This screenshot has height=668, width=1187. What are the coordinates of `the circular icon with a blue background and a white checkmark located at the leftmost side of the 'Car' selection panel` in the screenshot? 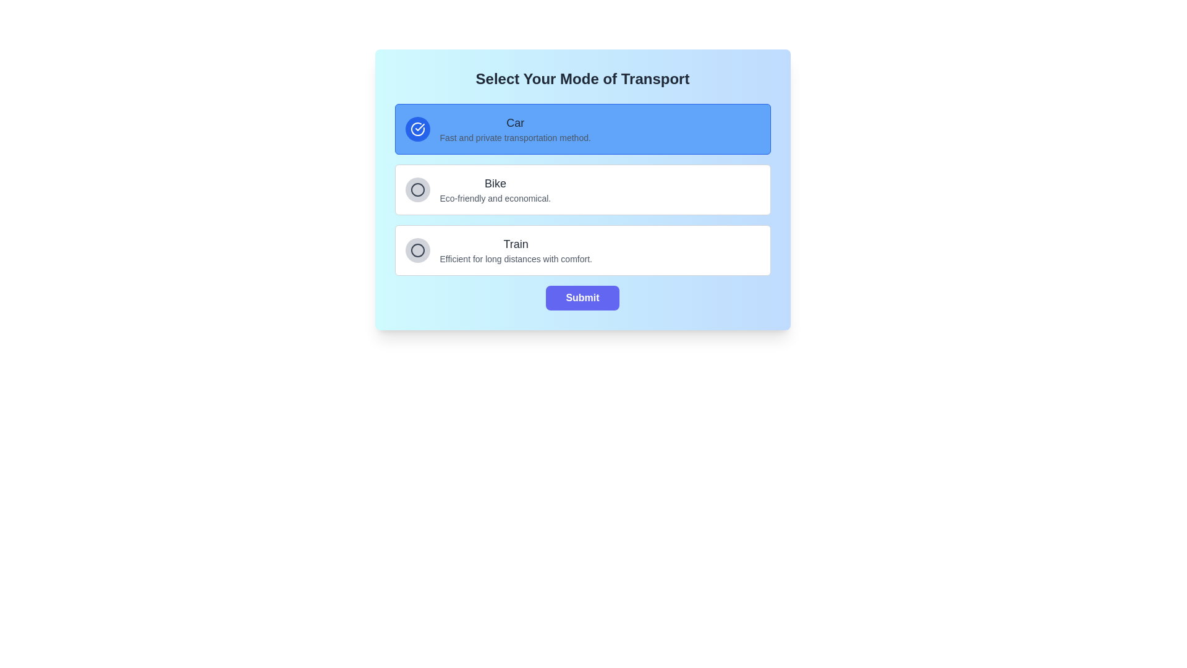 It's located at (417, 129).